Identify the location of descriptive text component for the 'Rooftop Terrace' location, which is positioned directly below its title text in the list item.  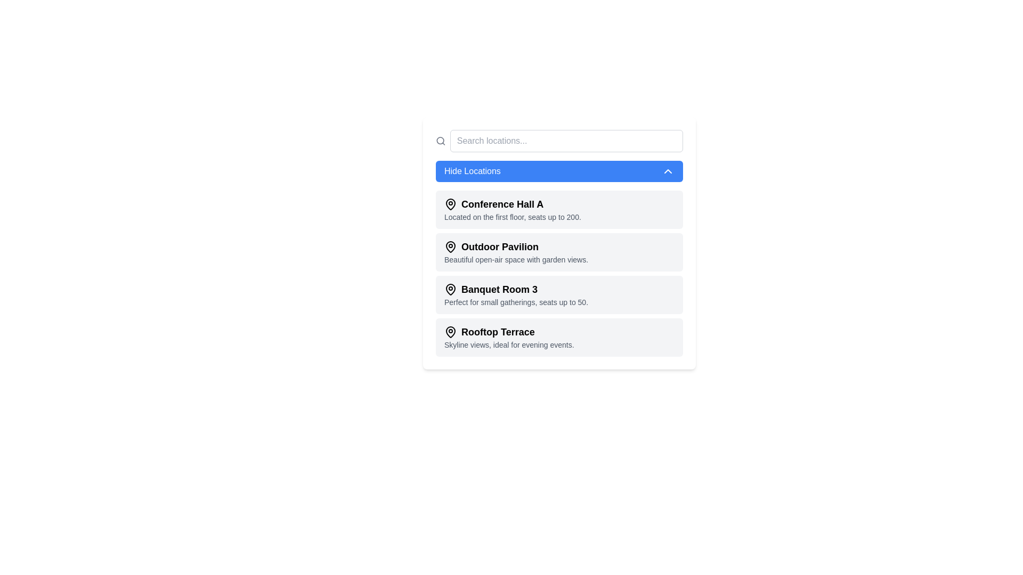
(508, 345).